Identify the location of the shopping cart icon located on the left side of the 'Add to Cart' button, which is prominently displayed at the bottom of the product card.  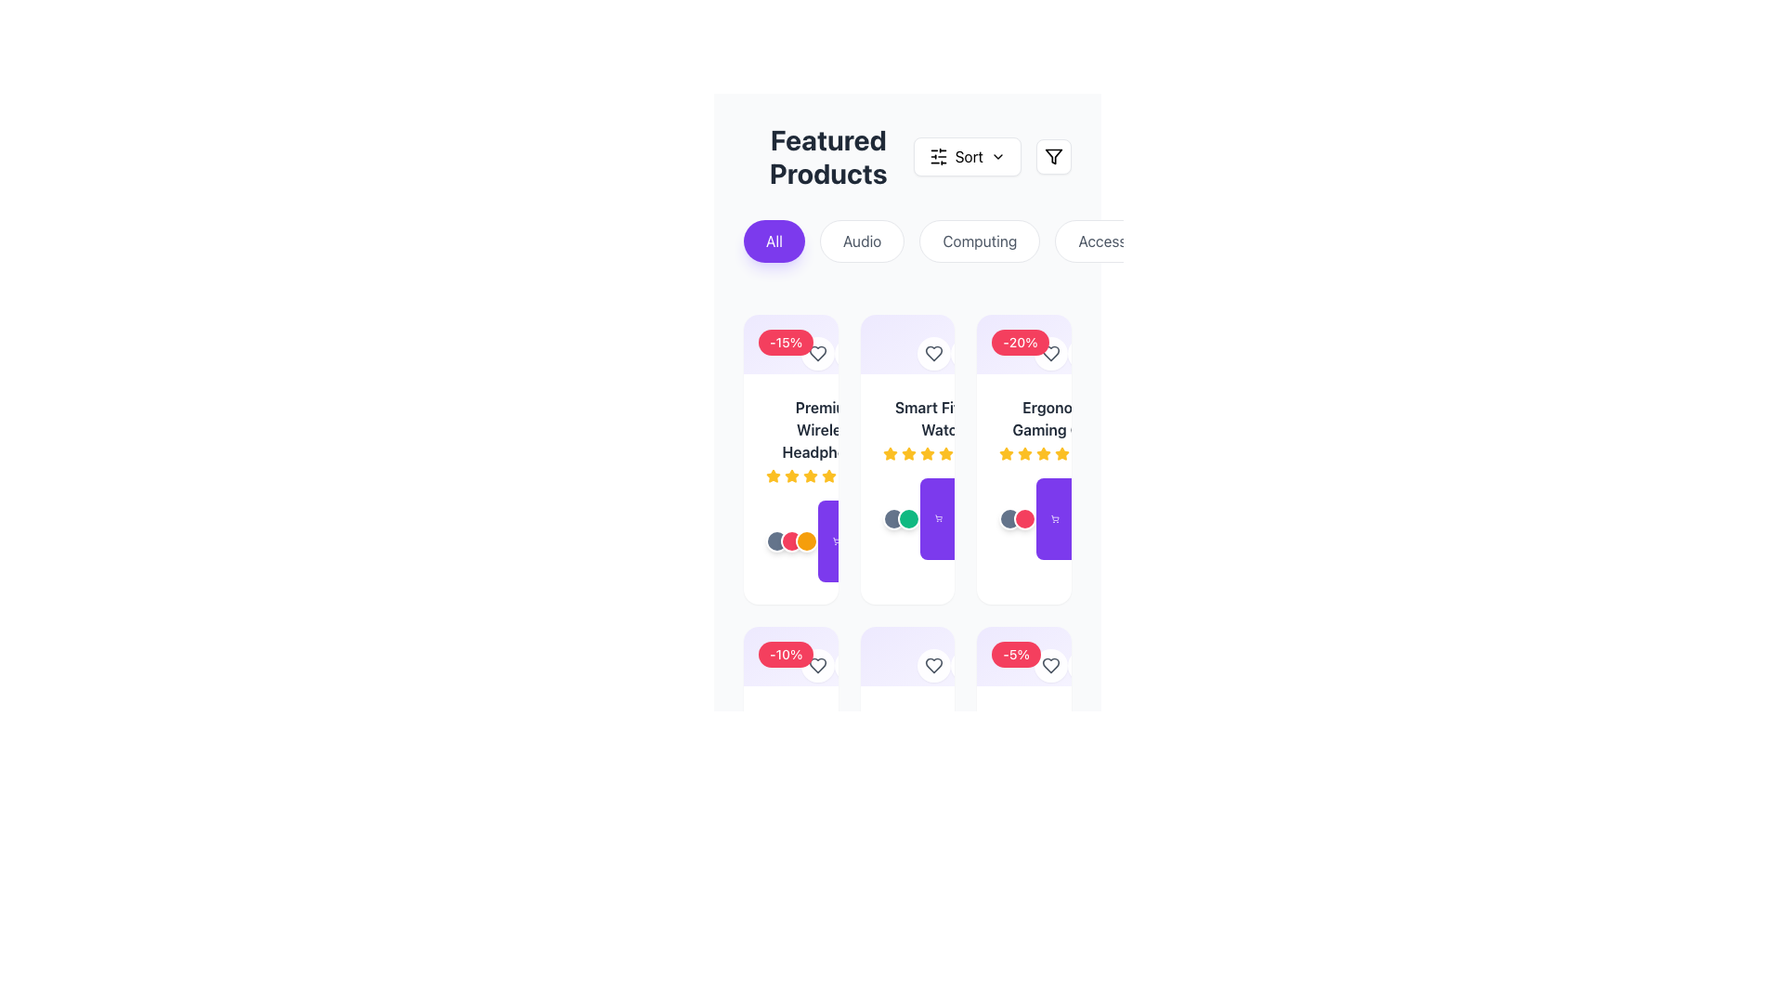
(1055, 519).